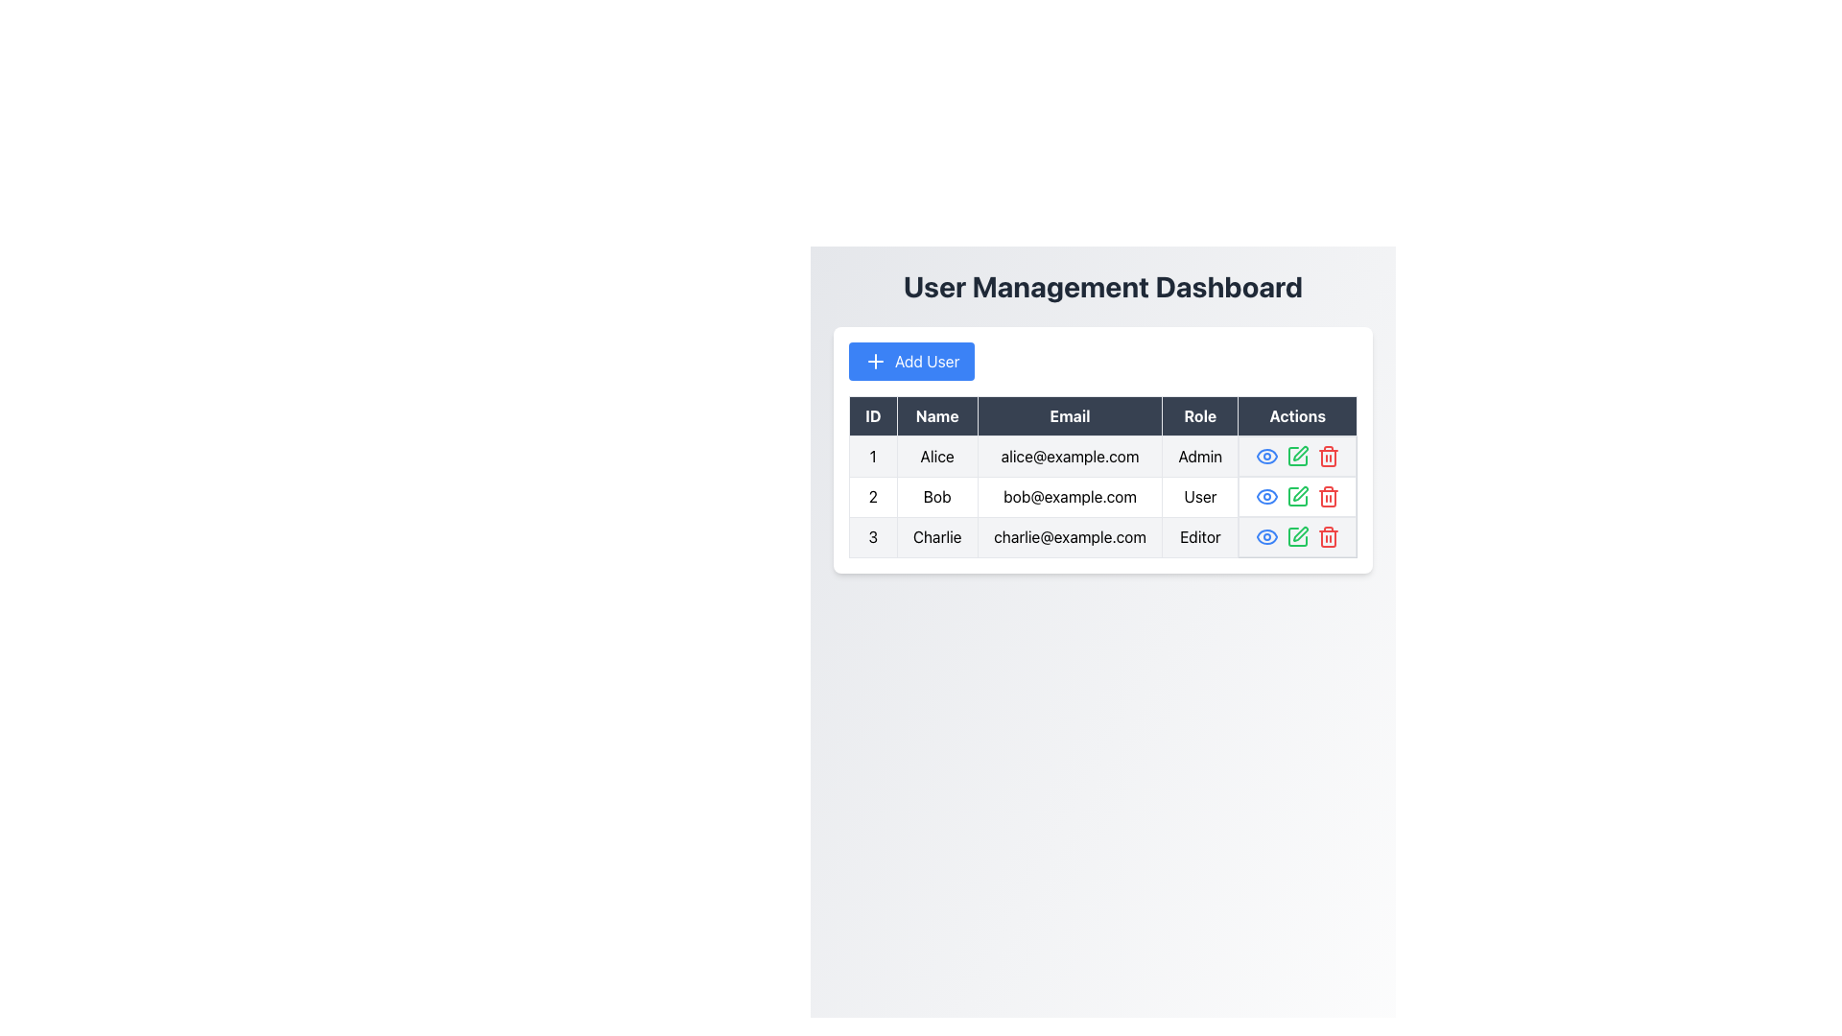 This screenshot has height=1036, width=1842. What do you see at coordinates (1103, 450) in the screenshot?
I see `the table located beneath the 'User Management Dashboard' header` at bounding box center [1103, 450].